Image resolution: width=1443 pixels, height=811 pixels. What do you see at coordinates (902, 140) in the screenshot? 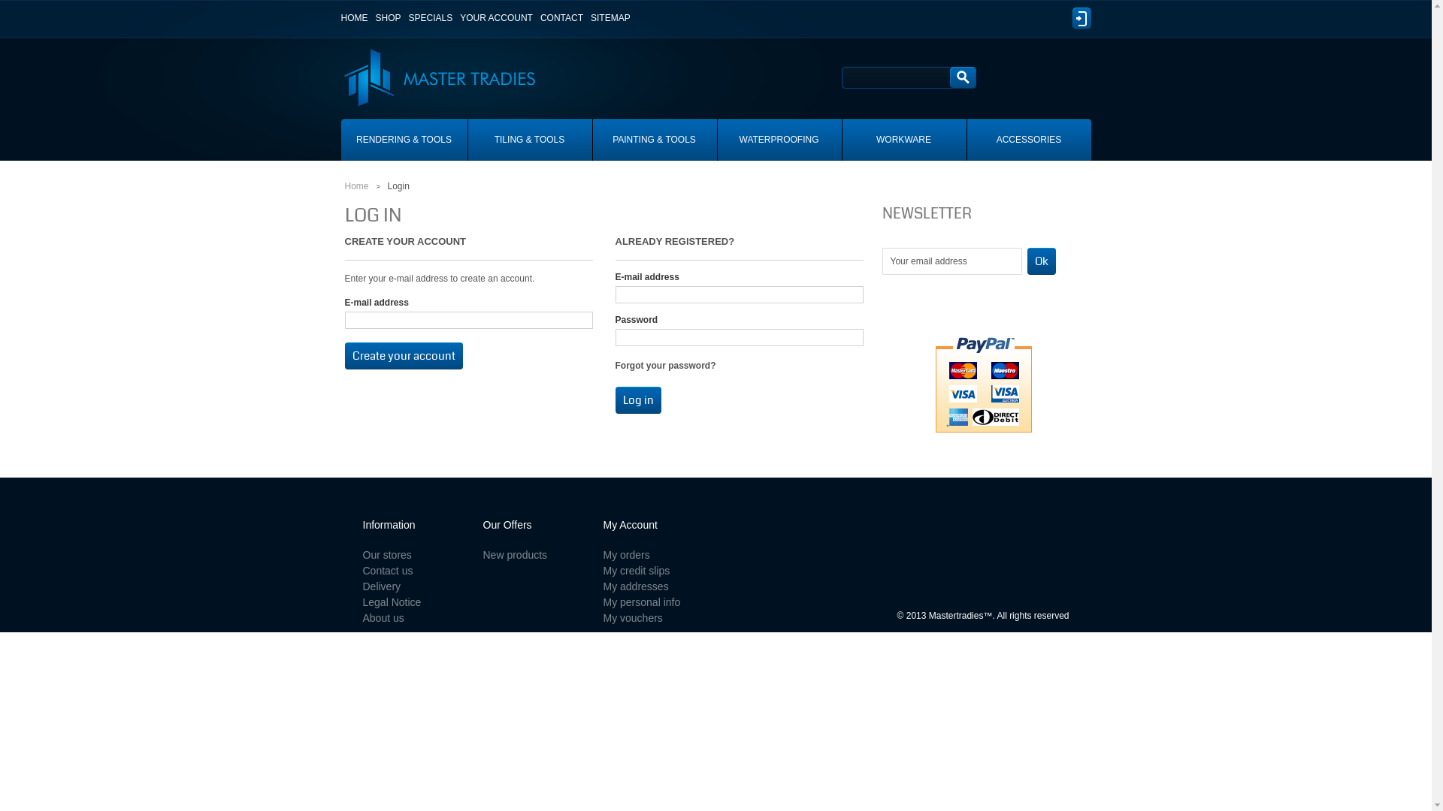
I see `'WORKWARE'` at bounding box center [902, 140].